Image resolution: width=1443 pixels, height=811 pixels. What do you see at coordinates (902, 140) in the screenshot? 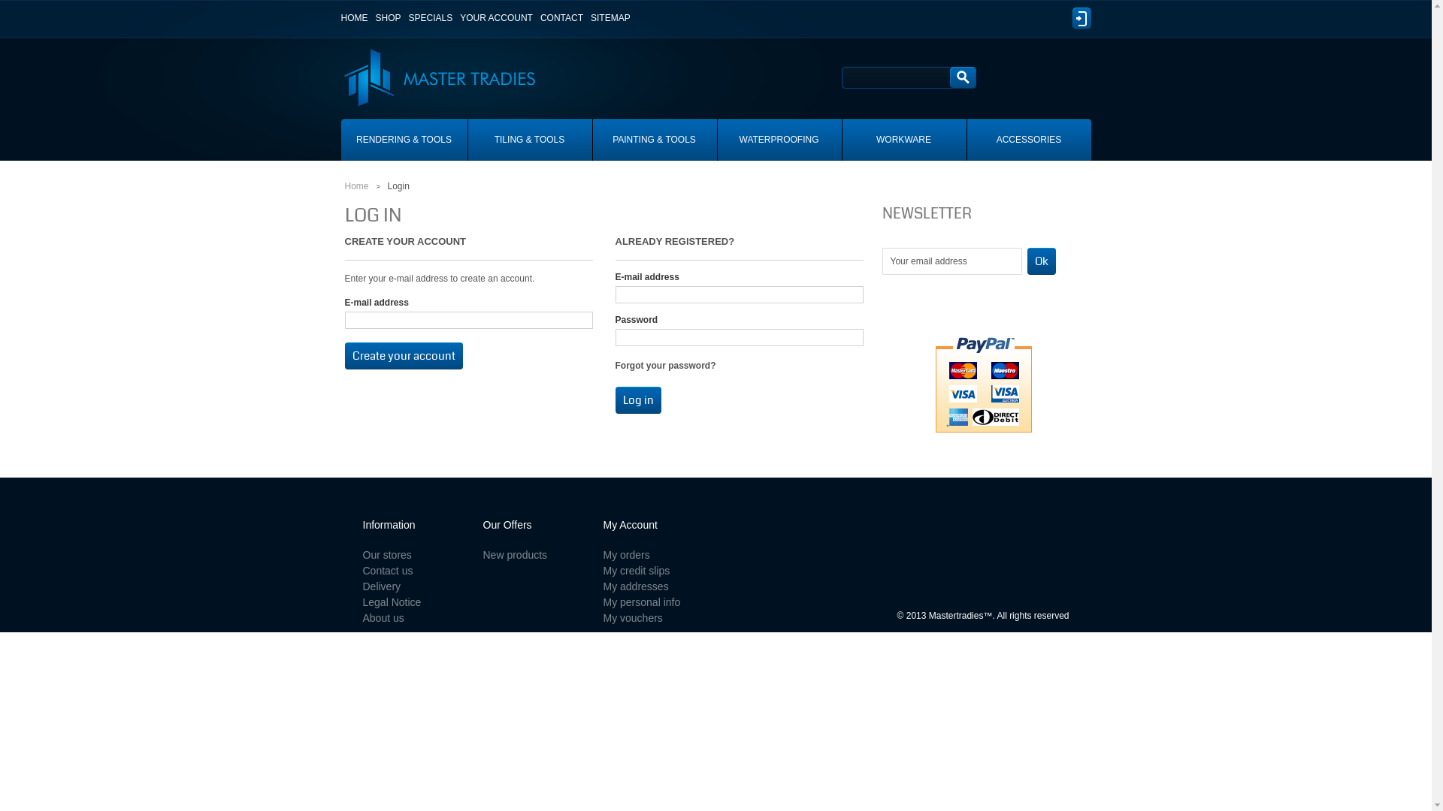
I see `'WORKWARE'` at bounding box center [902, 140].